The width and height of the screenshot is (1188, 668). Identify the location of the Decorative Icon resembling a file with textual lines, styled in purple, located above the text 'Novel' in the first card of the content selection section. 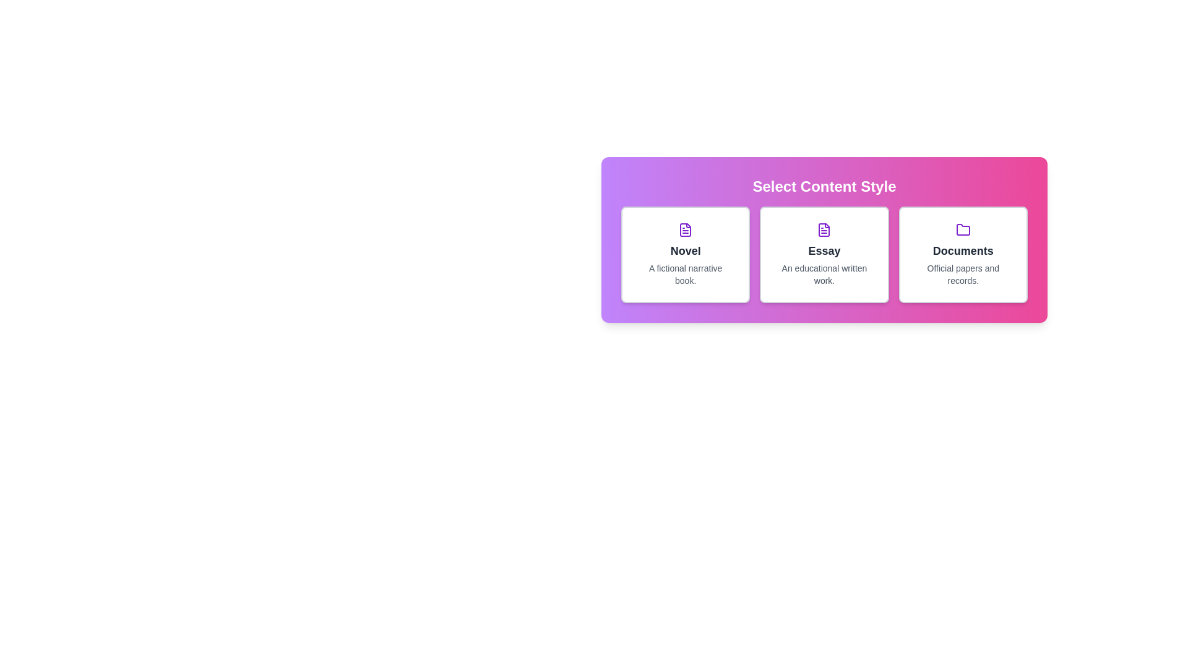
(685, 229).